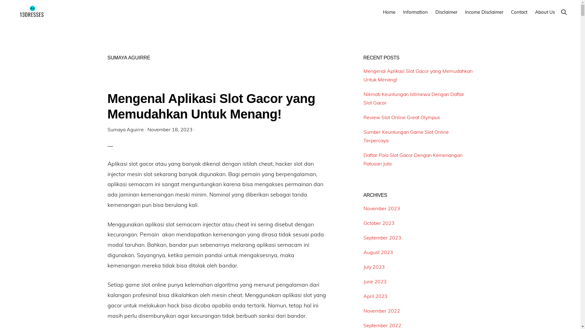  I want to click on 'July 2023', so click(374, 266).